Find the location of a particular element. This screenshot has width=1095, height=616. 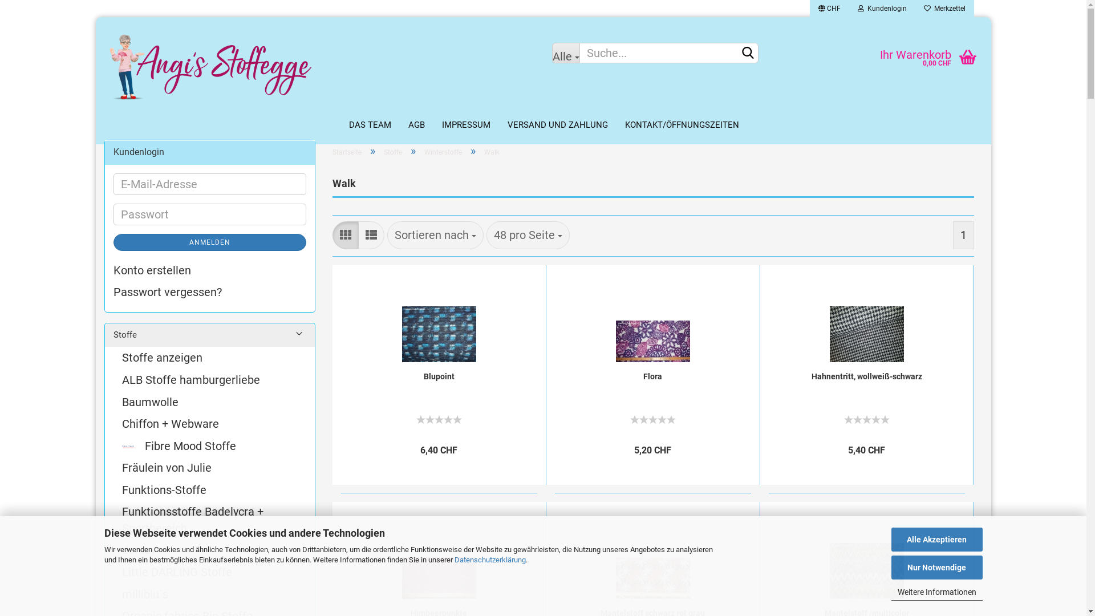

'Sortieren nach' is located at coordinates (434, 234).